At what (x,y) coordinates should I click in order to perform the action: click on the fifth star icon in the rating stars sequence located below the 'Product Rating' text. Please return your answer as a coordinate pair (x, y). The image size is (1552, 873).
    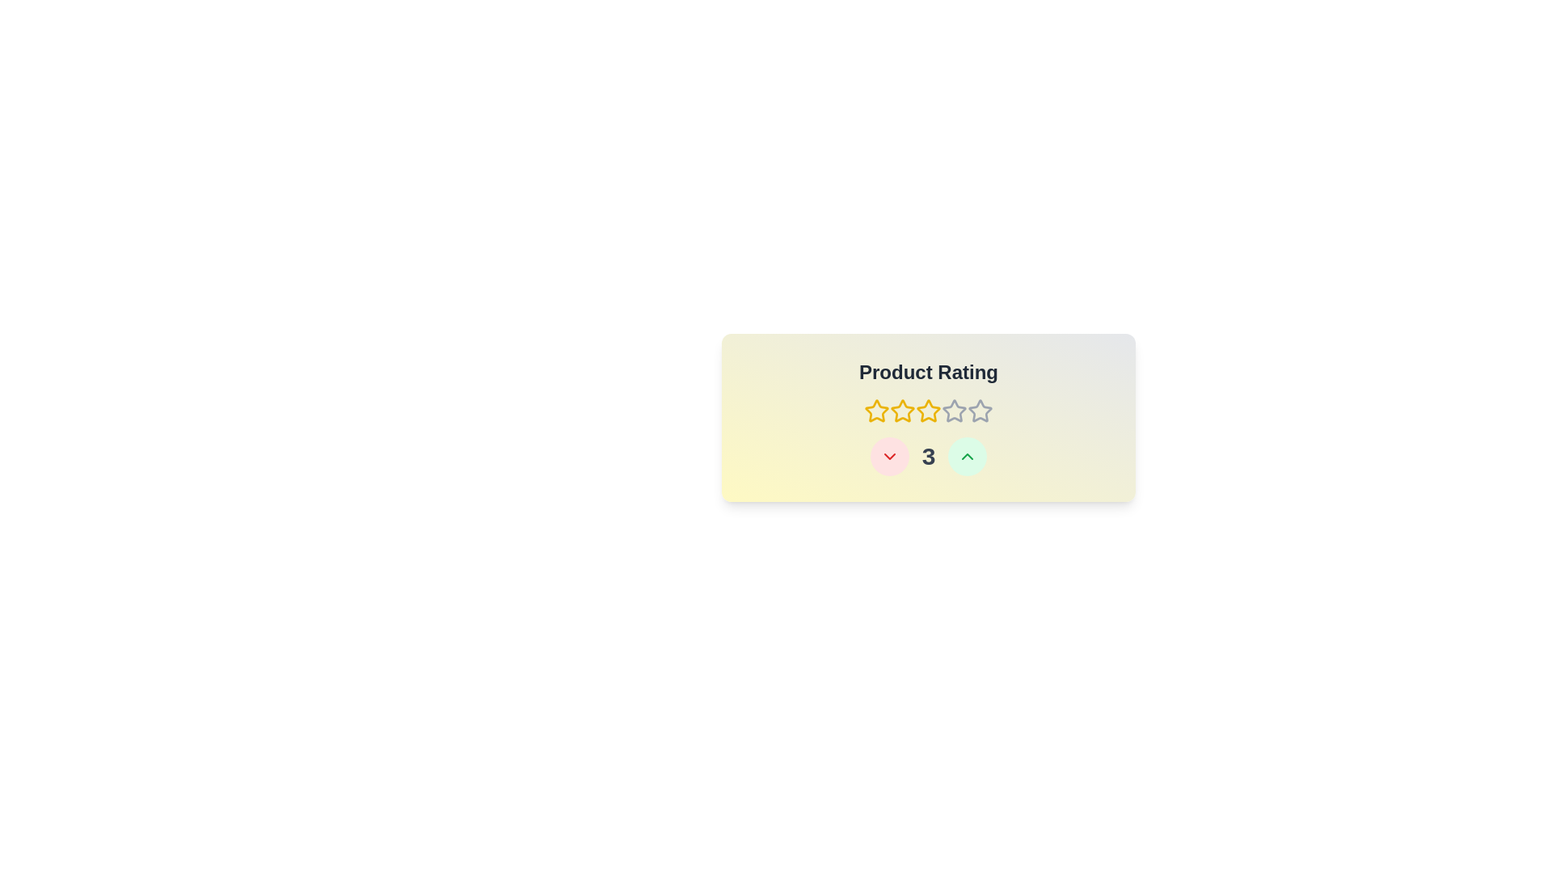
    Looking at the image, I should click on (980, 411).